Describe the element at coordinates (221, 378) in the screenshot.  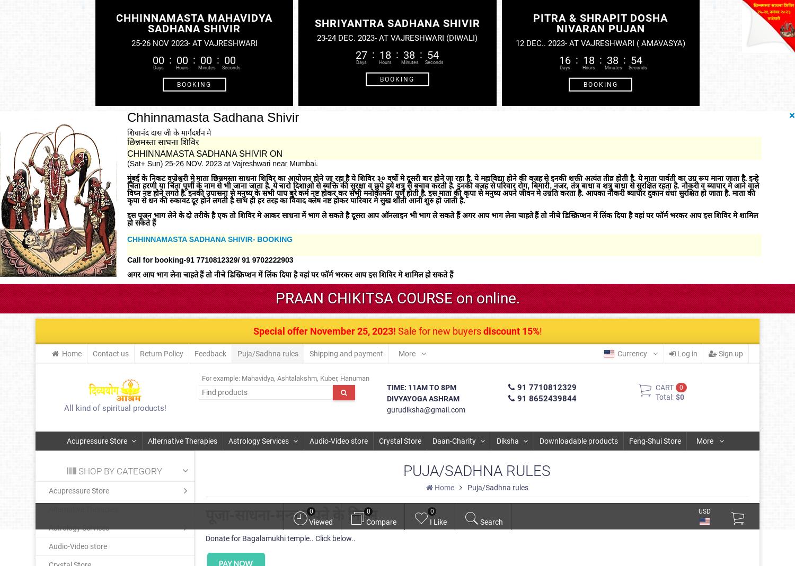
I see `'For example:'` at that location.